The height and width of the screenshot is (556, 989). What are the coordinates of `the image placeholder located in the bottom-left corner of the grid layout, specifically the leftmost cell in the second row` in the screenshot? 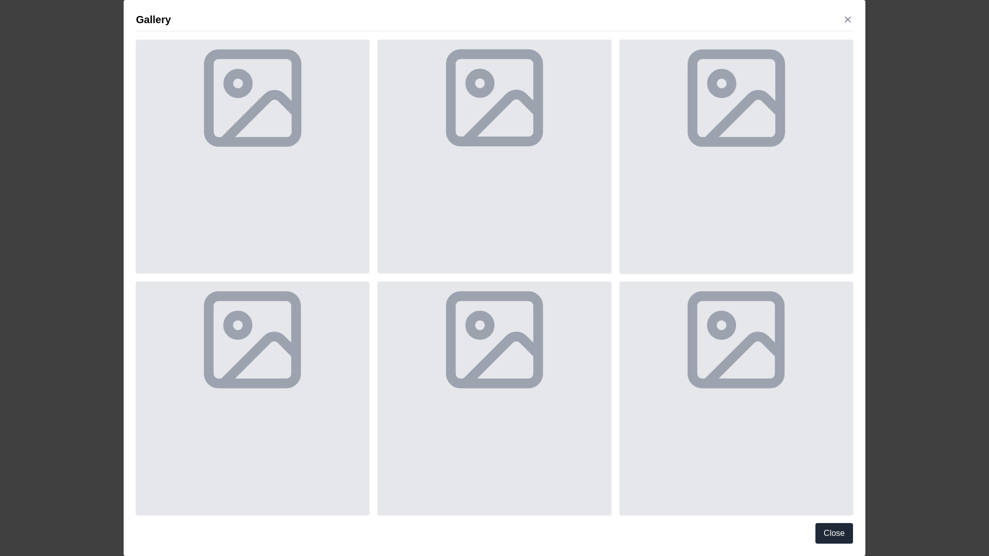 It's located at (252, 397).